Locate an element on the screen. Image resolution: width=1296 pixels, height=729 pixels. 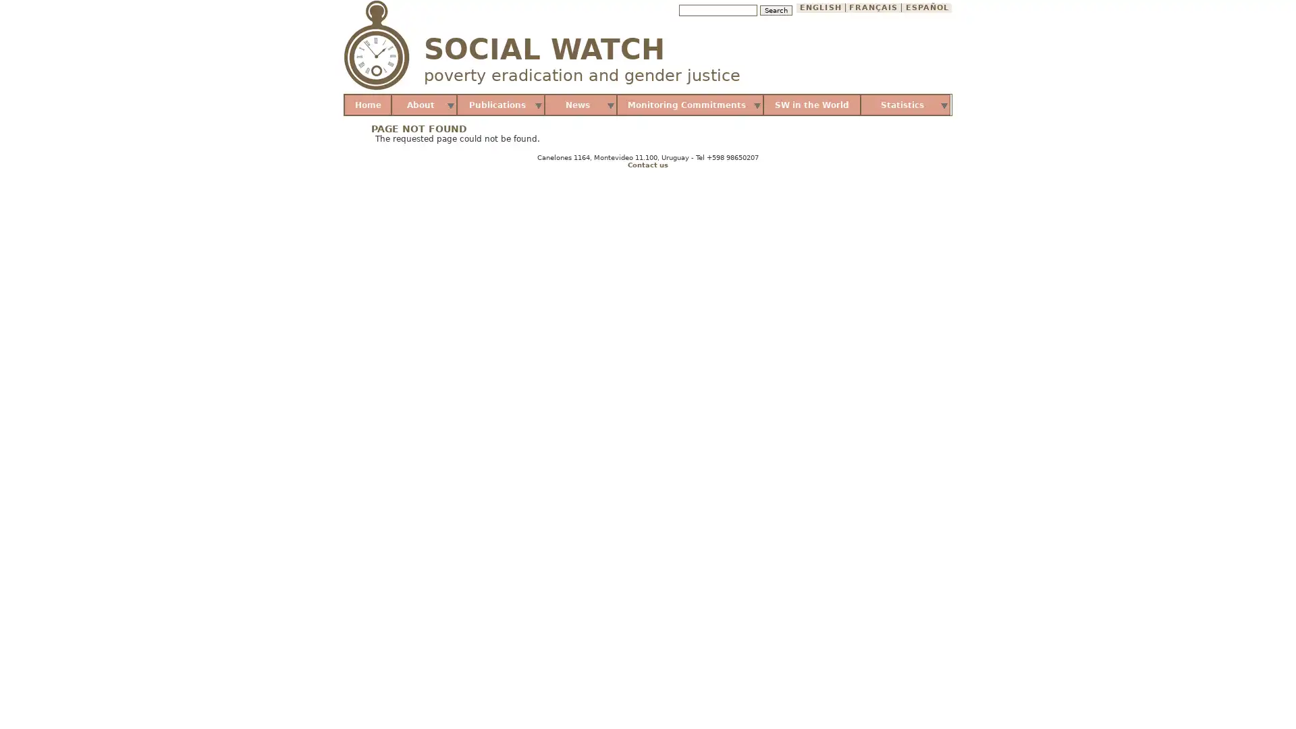
Search is located at coordinates (775, 10).